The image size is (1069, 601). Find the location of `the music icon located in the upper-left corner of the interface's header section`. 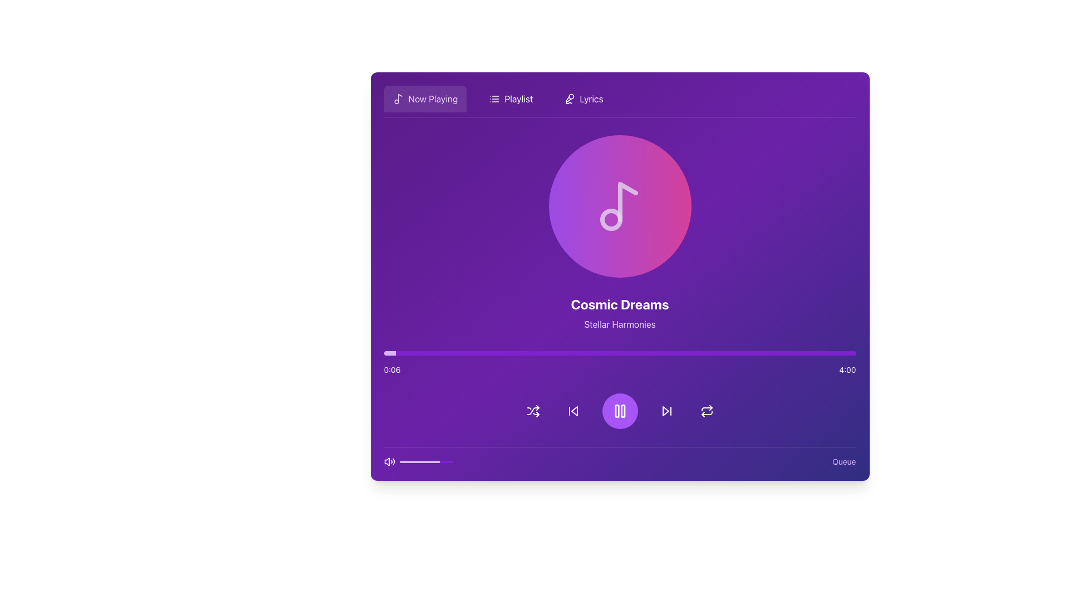

the music icon located in the upper-left corner of the interface's header section is located at coordinates (398, 98).